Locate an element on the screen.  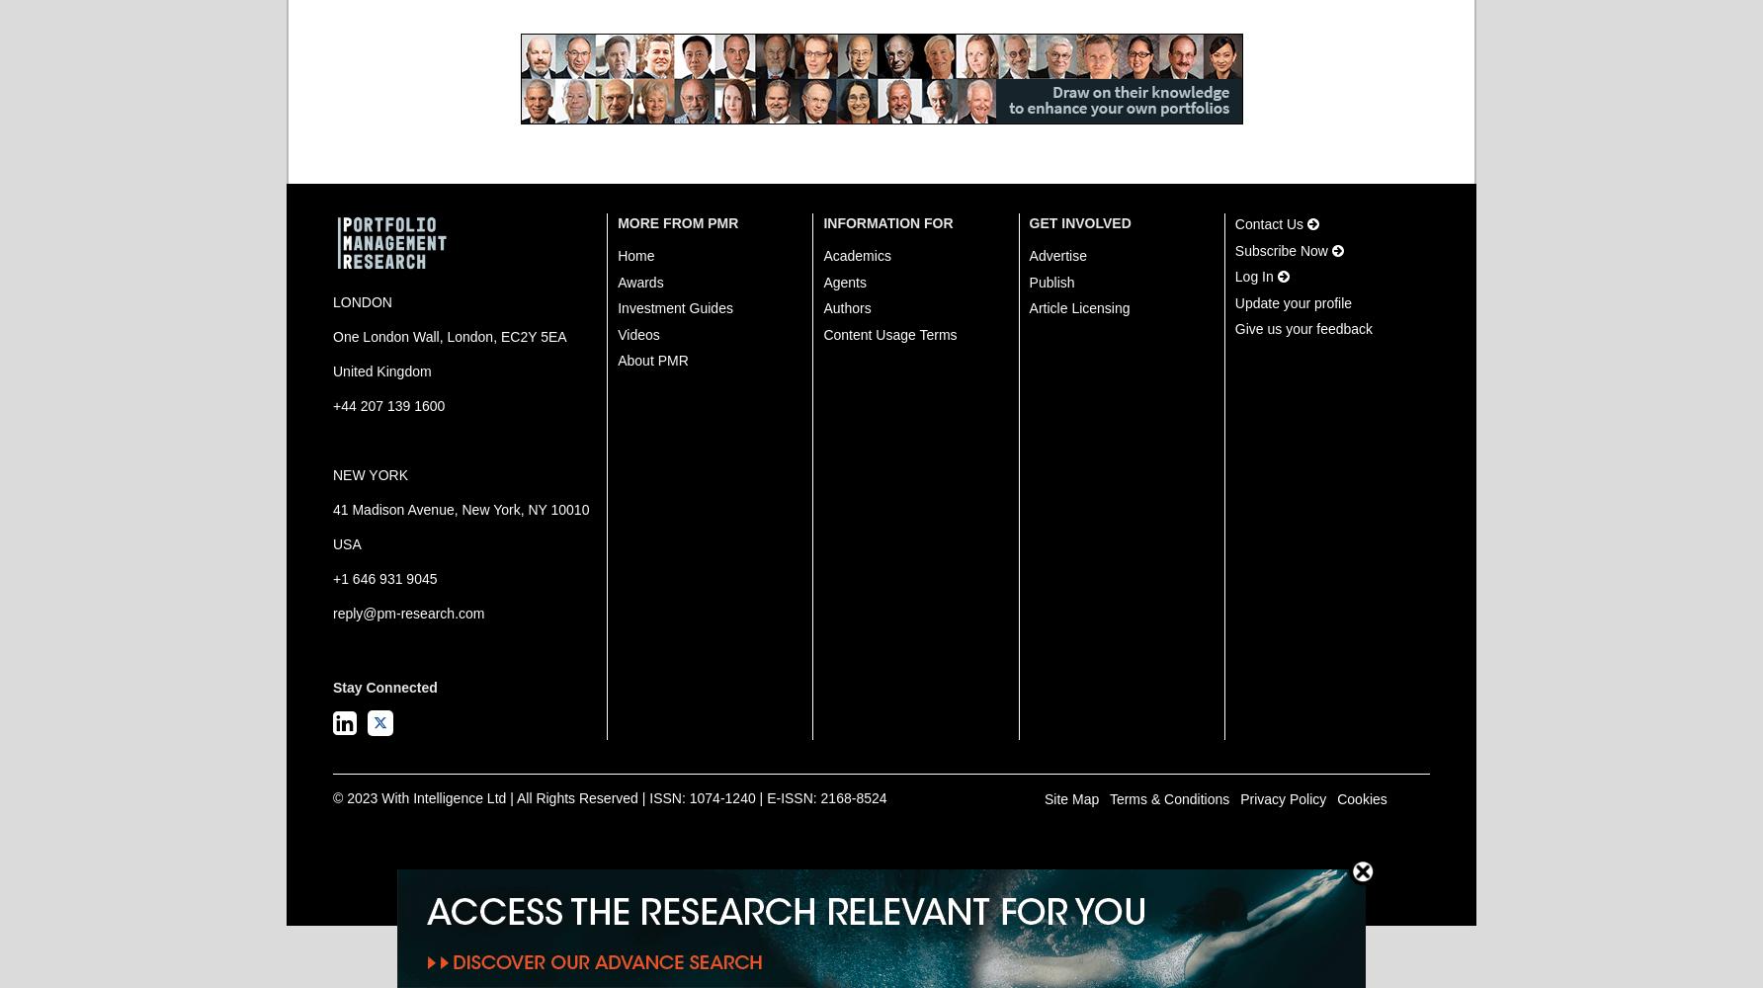
'GET INVOLVED' is located at coordinates (1078, 222).